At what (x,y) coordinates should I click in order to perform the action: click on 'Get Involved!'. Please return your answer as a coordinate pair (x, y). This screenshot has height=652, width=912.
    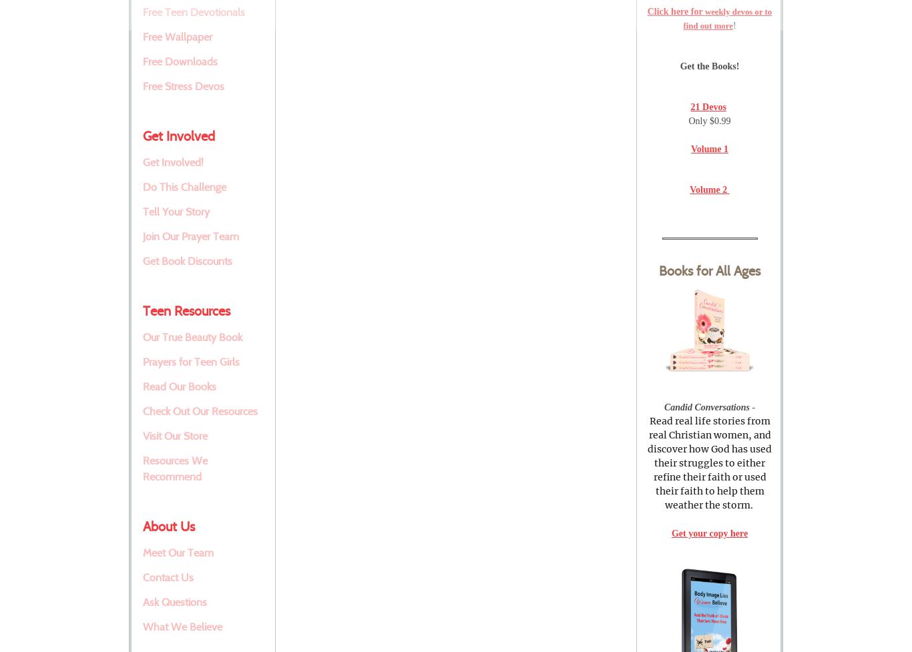
    Looking at the image, I should click on (173, 161).